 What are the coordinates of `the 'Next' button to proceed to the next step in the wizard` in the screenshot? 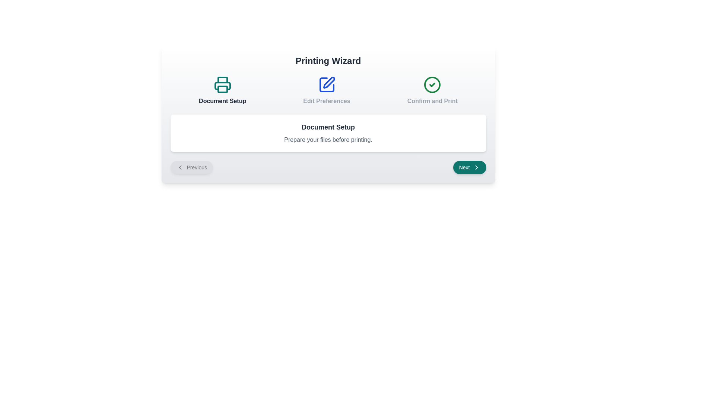 It's located at (469, 167).